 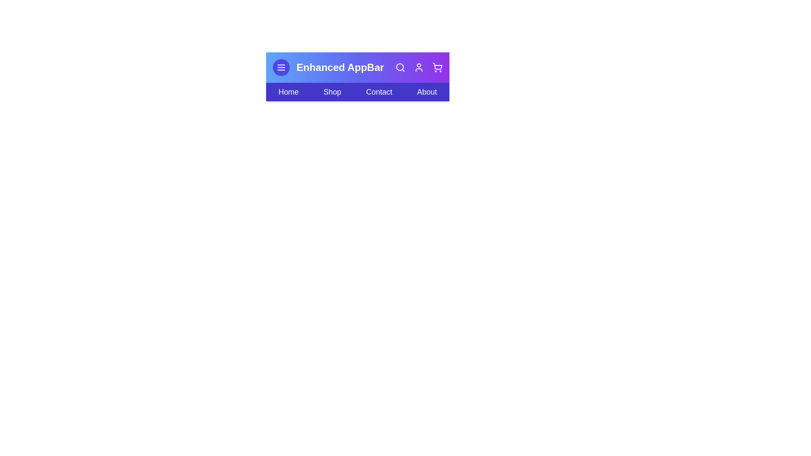 I want to click on the Shop navigation link, so click(x=332, y=92).